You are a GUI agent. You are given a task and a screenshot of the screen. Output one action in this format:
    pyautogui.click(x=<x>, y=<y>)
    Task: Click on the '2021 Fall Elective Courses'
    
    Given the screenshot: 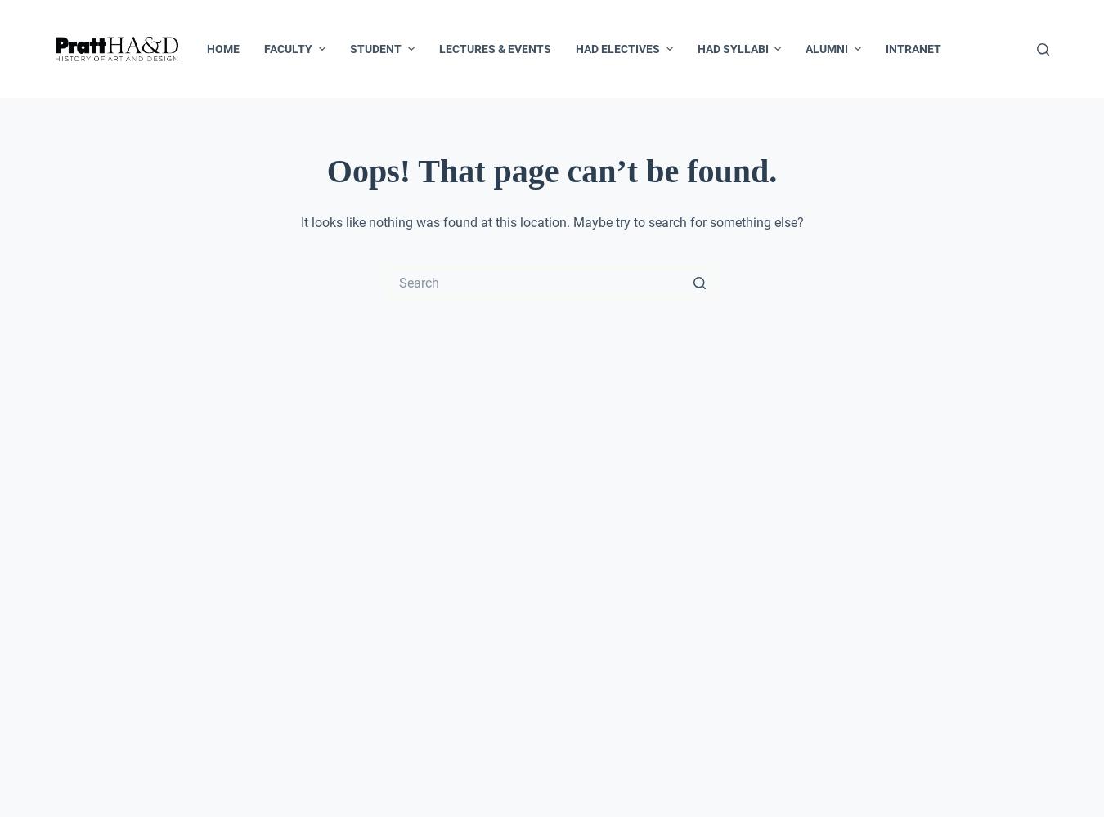 What is the action you would take?
    pyautogui.click(x=581, y=283)
    